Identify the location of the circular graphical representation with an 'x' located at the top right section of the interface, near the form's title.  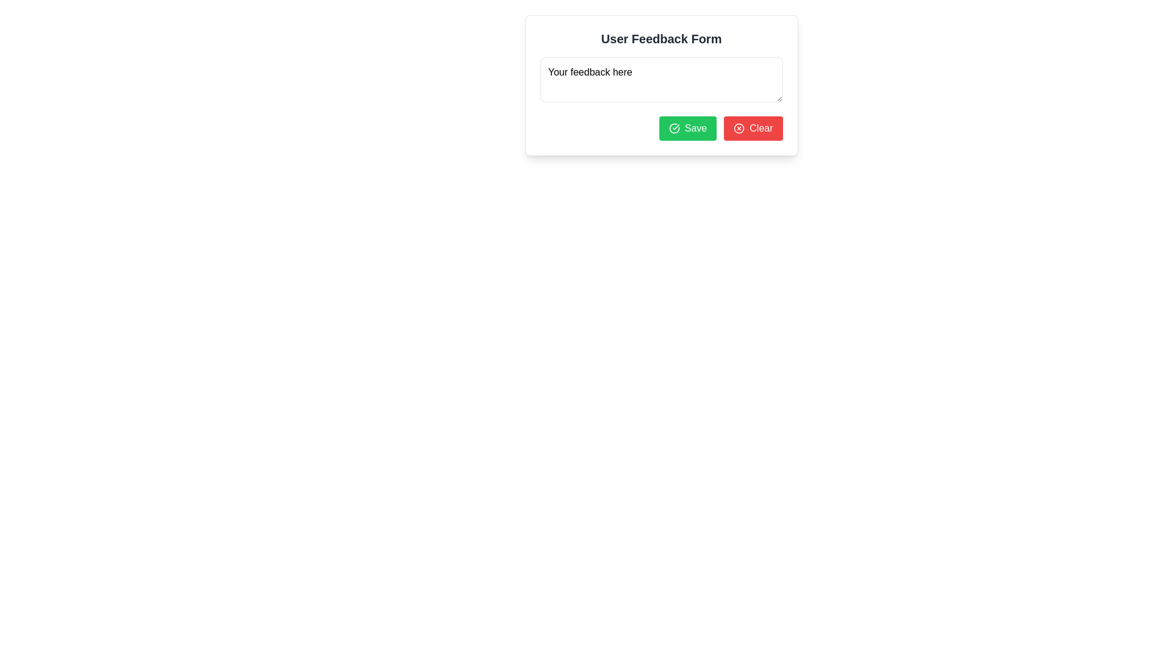
(739, 129).